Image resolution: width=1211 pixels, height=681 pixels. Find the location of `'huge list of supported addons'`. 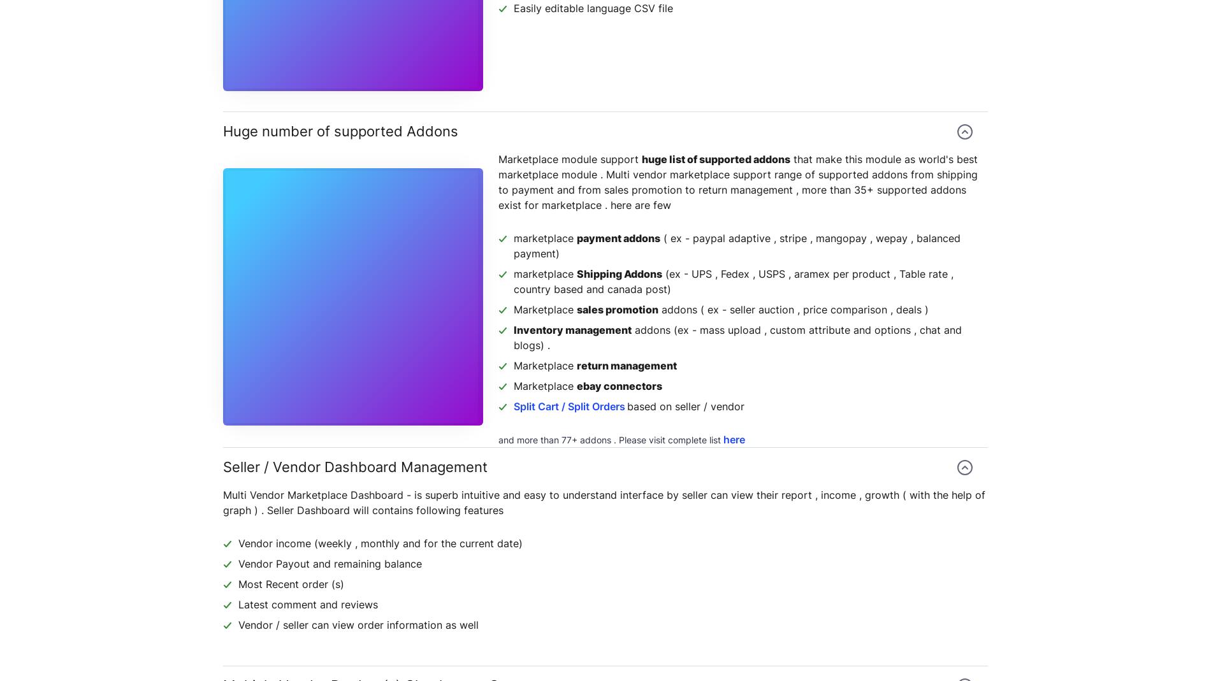

'huge list of supported addons' is located at coordinates (642, 159).